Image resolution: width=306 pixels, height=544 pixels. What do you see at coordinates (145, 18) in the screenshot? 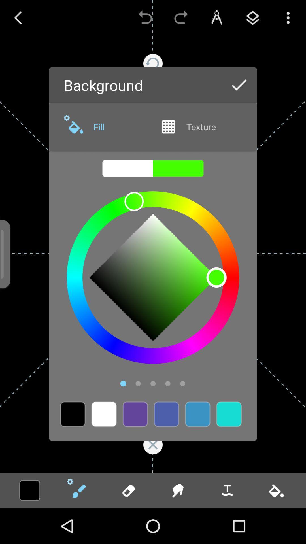
I see `the undo icon` at bounding box center [145, 18].